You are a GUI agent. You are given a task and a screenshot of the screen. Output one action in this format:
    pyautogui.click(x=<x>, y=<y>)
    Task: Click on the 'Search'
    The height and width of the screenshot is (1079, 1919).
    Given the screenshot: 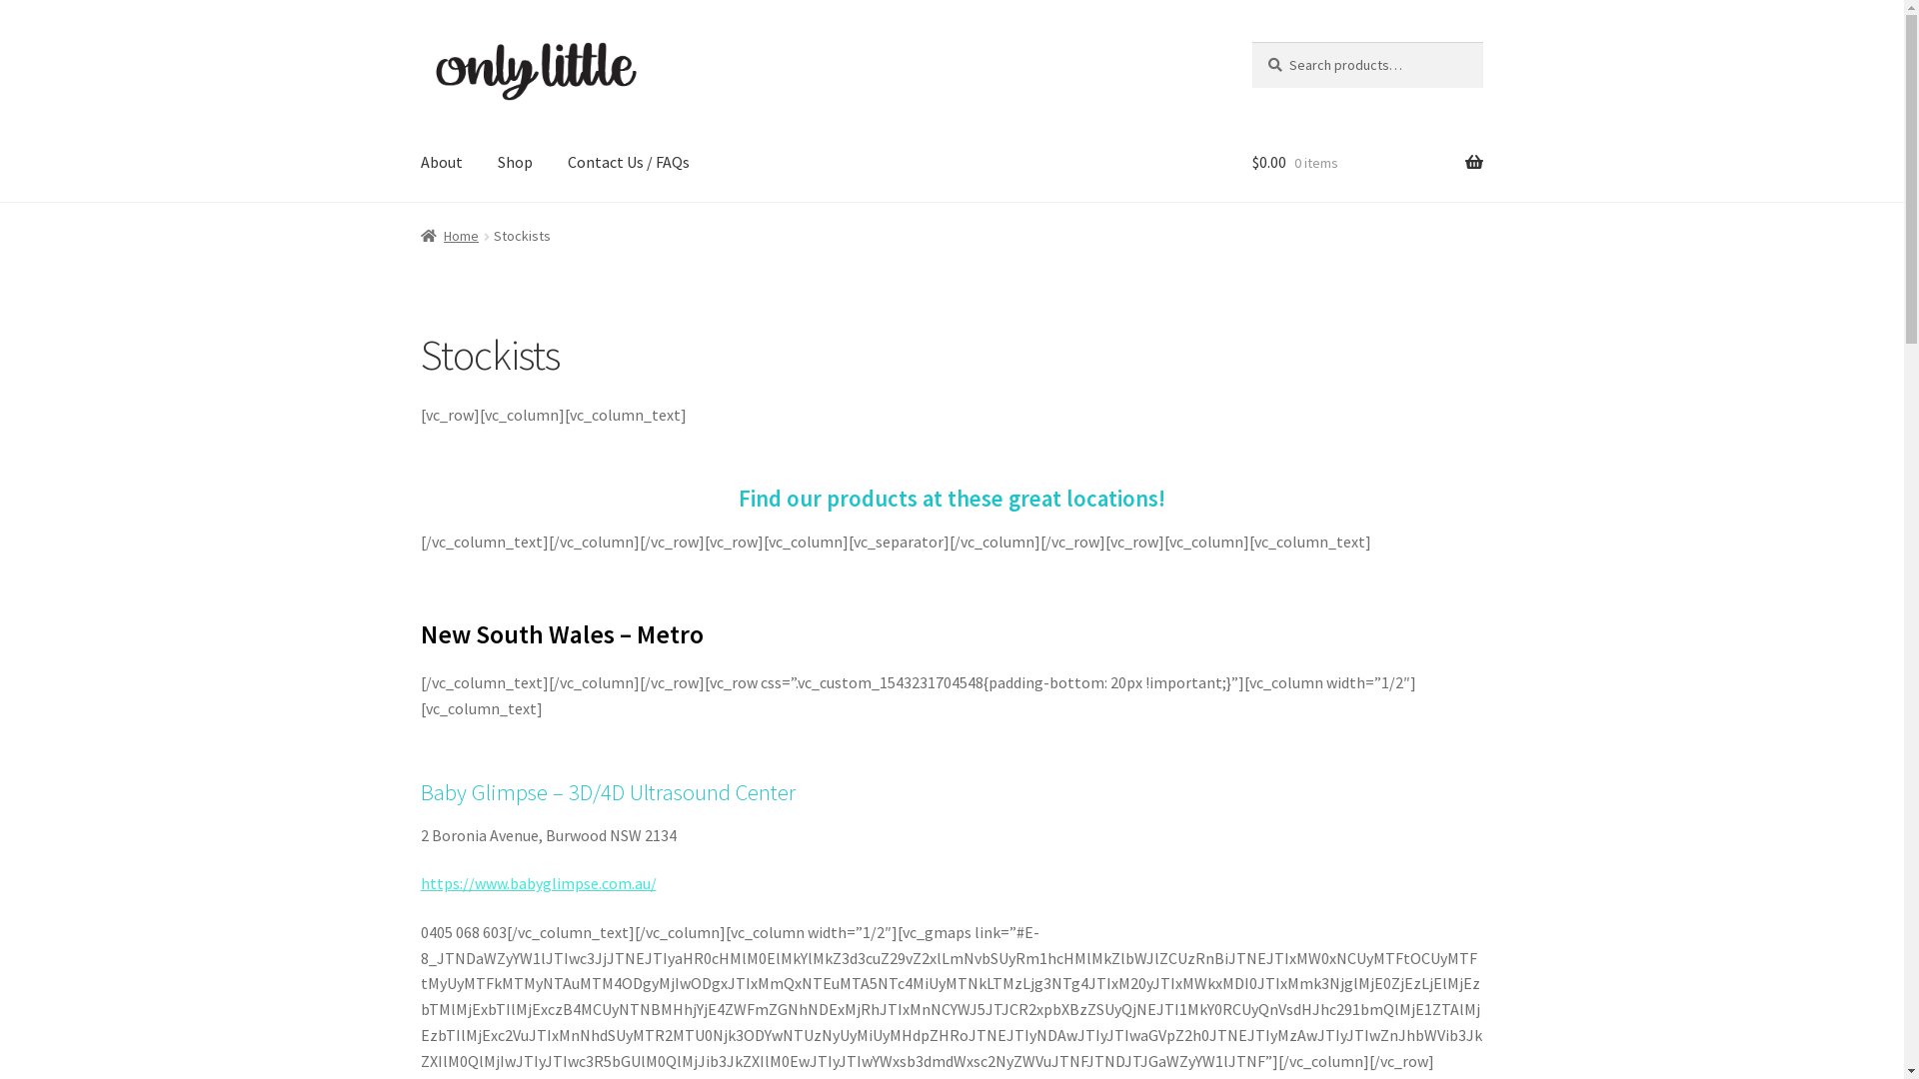 What is the action you would take?
    pyautogui.click(x=1250, y=41)
    